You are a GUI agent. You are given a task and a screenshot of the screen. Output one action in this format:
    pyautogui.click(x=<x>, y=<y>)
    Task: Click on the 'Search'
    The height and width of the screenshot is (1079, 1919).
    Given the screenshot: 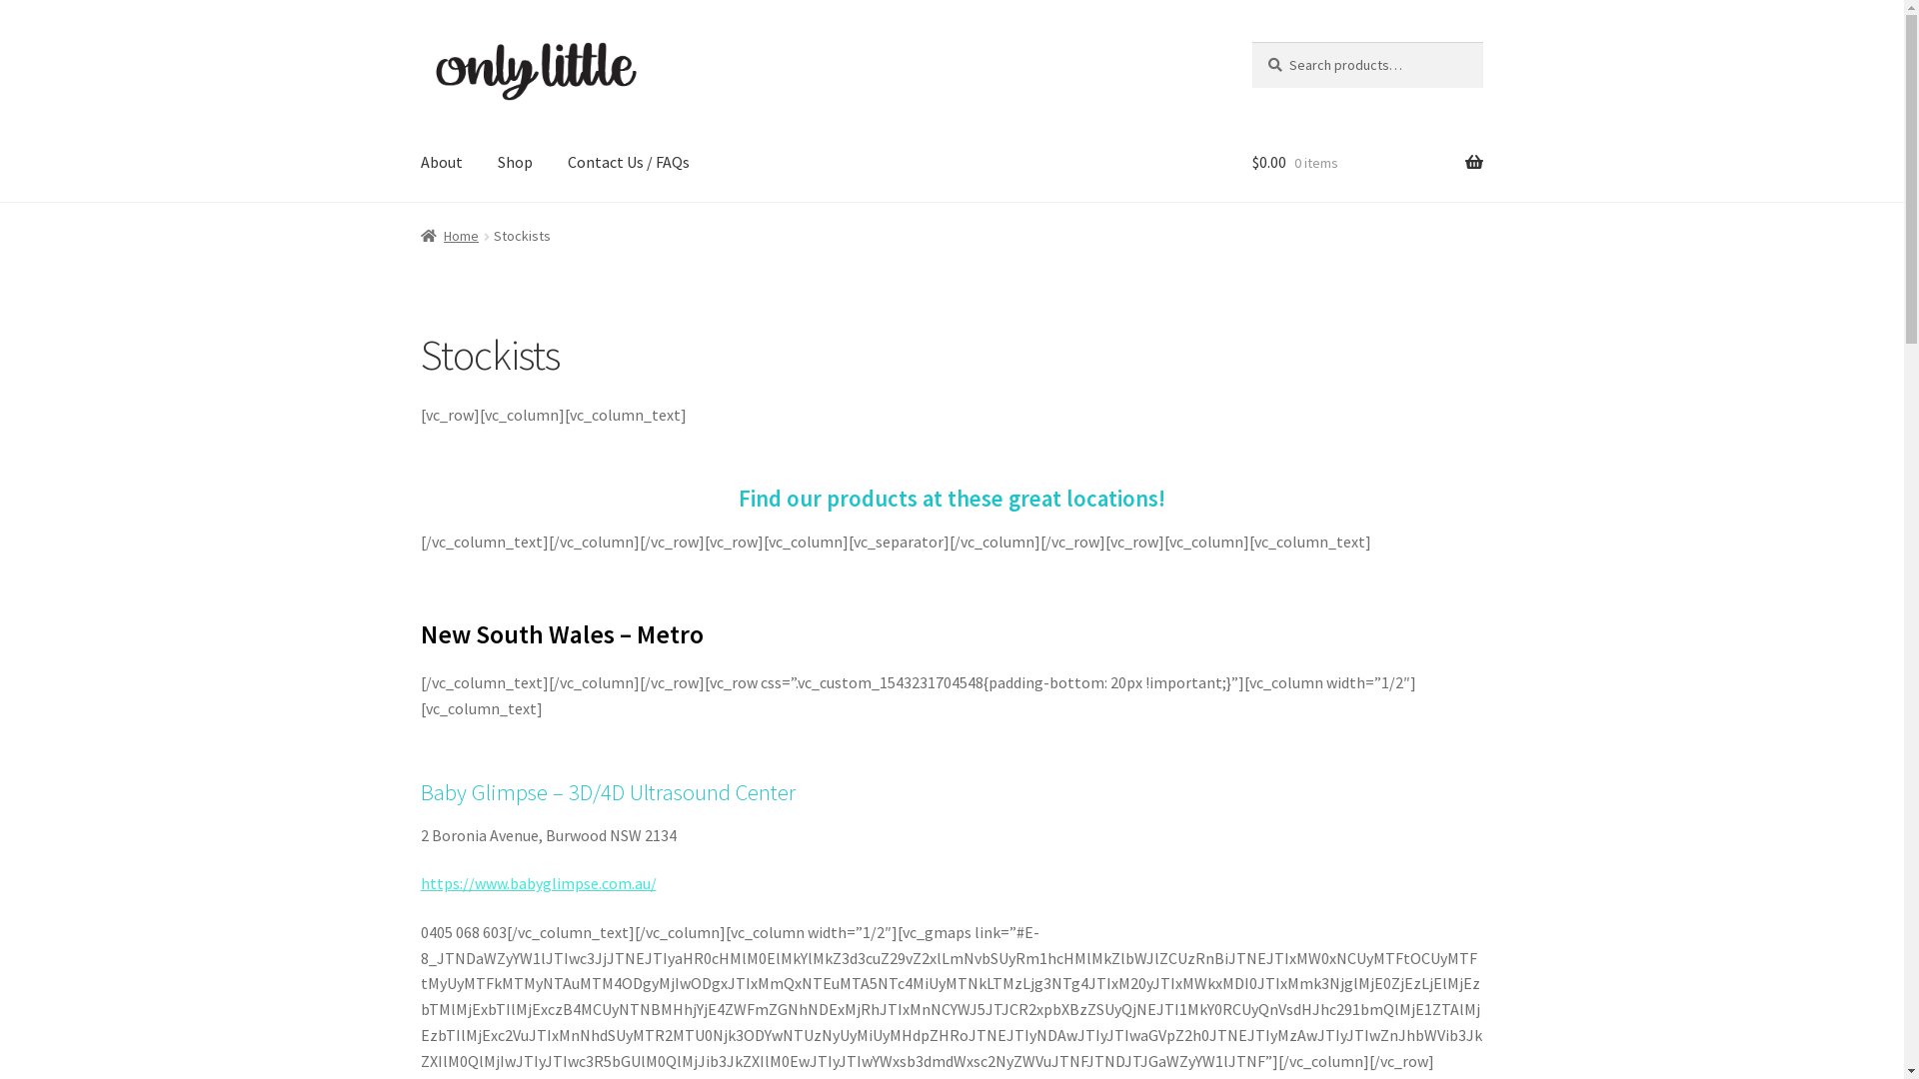 What is the action you would take?
    pyautogui.click(x=1250, y=41)
    